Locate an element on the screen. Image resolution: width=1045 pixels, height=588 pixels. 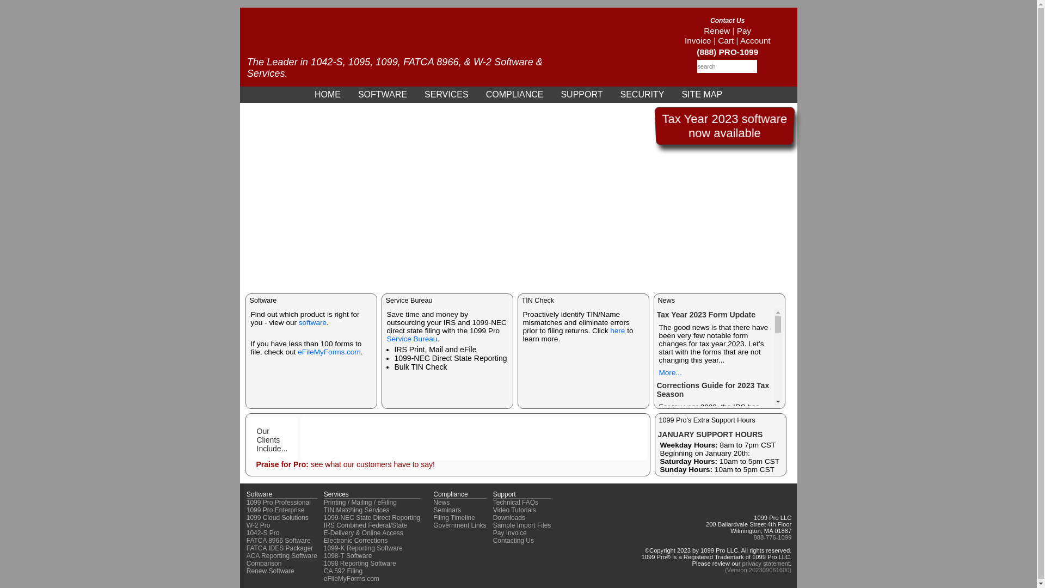
'Cart' is located at coordinates (726, 40).